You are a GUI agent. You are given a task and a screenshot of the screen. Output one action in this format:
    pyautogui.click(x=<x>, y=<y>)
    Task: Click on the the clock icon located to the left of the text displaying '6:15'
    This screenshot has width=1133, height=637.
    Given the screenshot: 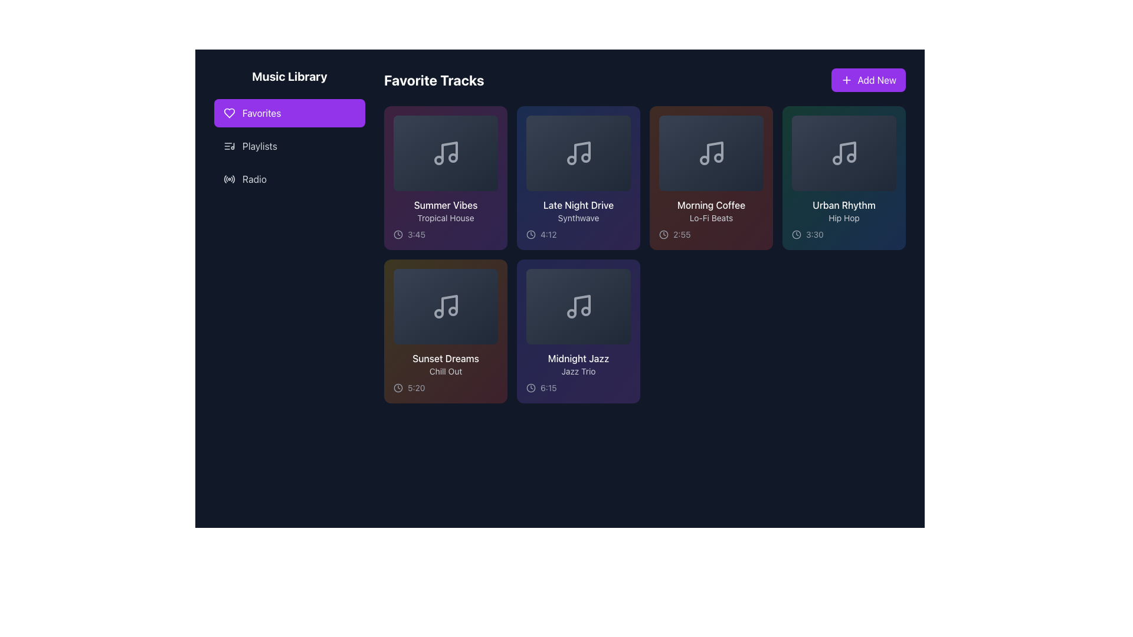 What is the action you would take?
    pyautogui.click(x=531, y=388)
    